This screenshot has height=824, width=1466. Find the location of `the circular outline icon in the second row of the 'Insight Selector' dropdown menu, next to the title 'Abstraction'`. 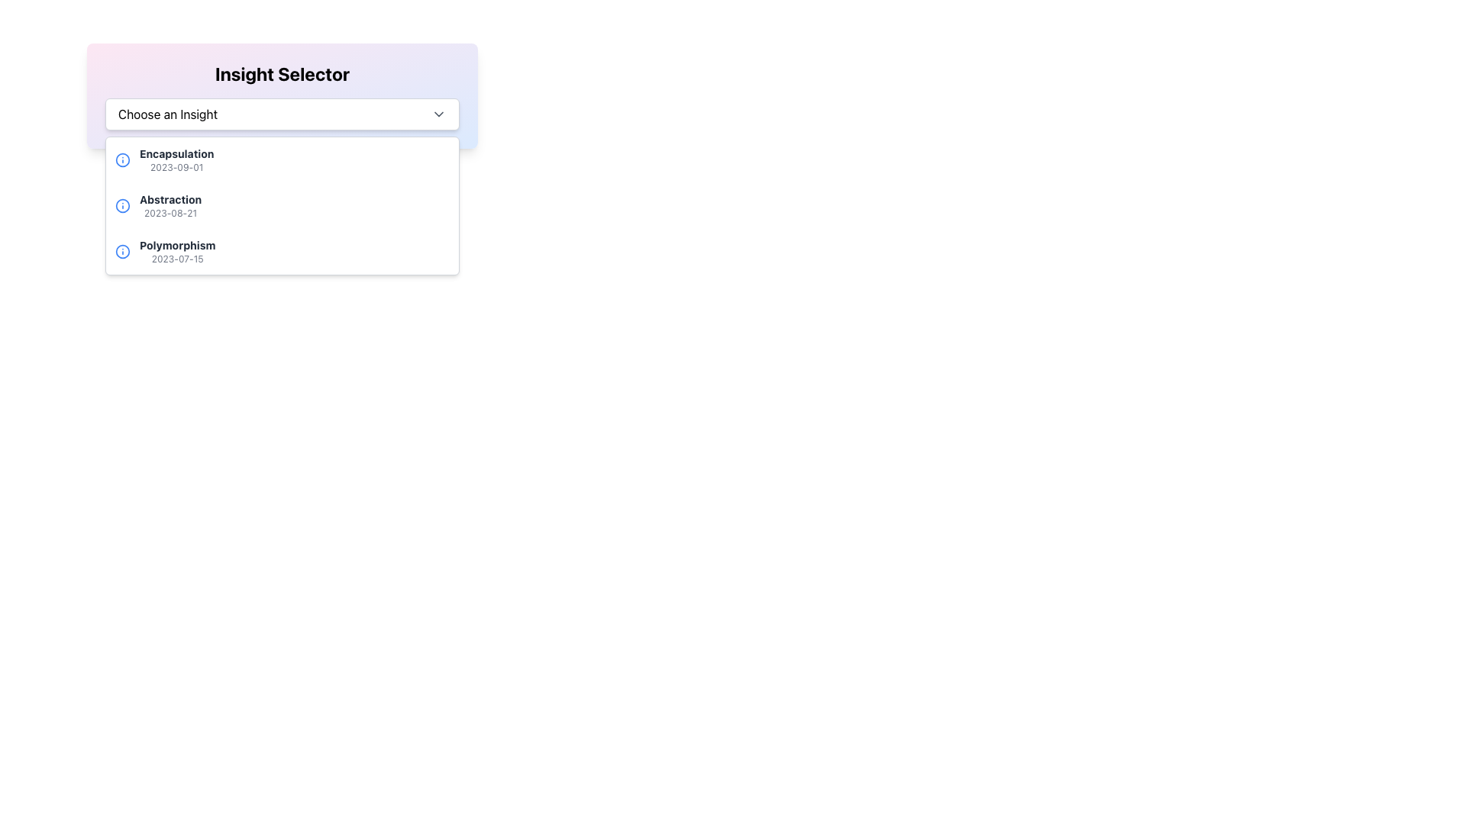

the circular outline icon in the second row of the 'Insight Selector' dropdown menu, next to the title 'Abstraction' is located at coordinates (123, 206).